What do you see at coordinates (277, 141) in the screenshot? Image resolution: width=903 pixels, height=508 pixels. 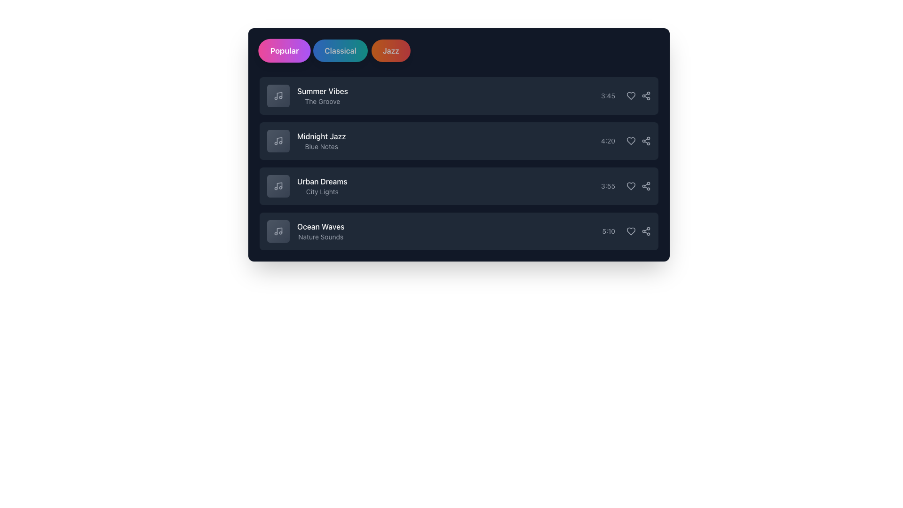 I see `design details of the Icon representing a musical note located in the 'Midnight Jazz' row of the list` at bounding box center [277, 141].